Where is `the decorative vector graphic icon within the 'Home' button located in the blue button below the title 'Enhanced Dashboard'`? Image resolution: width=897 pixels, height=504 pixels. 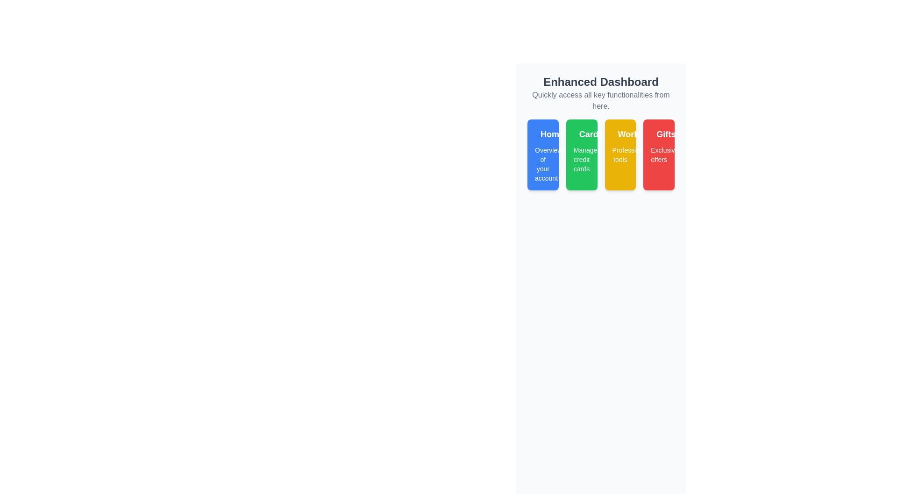 the decorative vector graphic icon within the 'Home' button located in the blue button below the title 'Enhanced Dashboard' is located at coordinates (540, 132).